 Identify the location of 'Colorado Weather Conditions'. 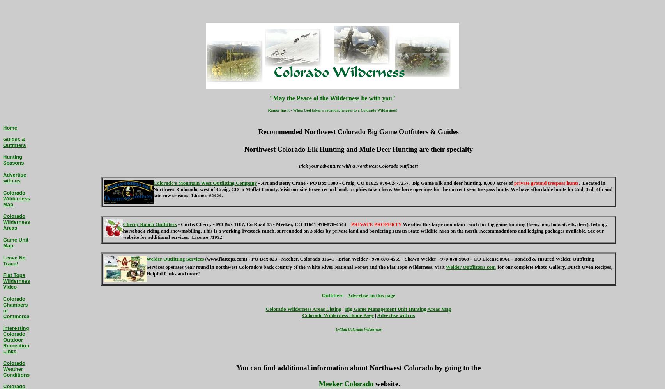
(16, 368).